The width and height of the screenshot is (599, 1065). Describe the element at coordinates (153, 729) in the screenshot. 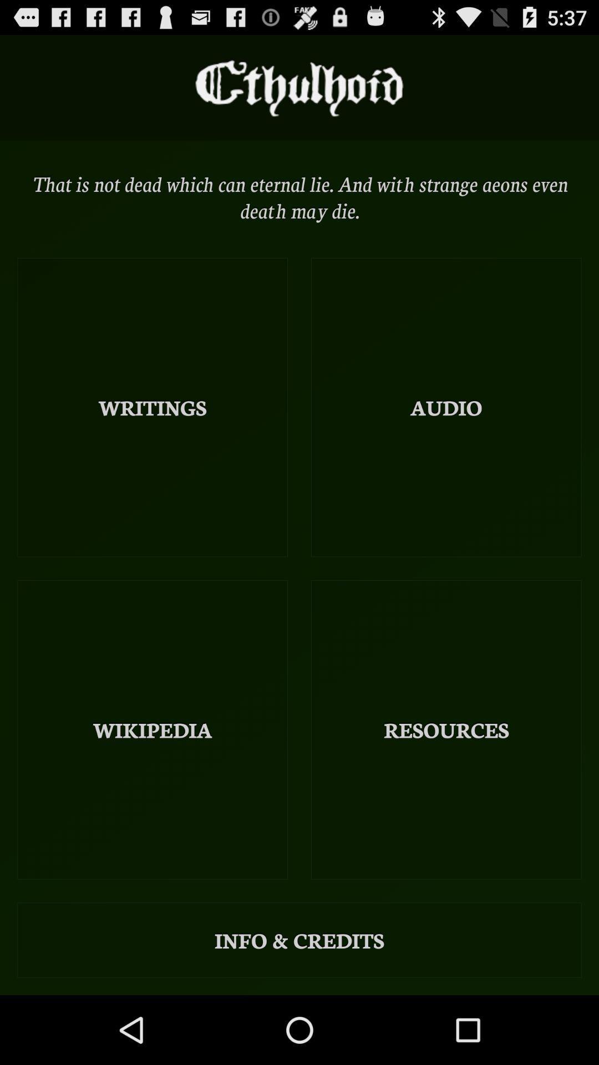

I see `the item above the info & credits icon` at that location.